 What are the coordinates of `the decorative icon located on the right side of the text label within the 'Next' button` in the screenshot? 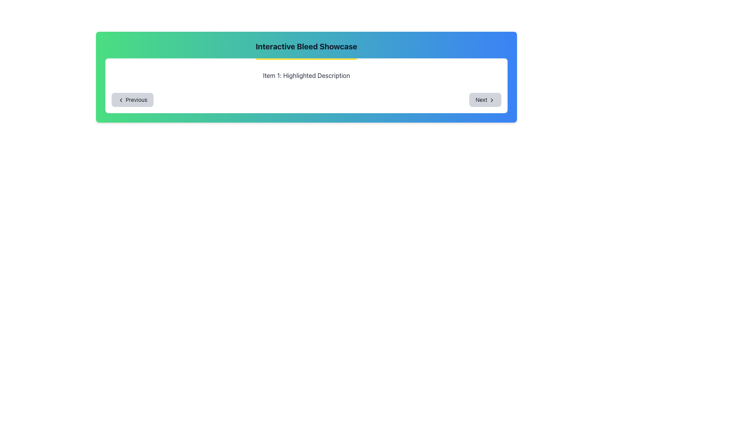 It's located at (492, 99).